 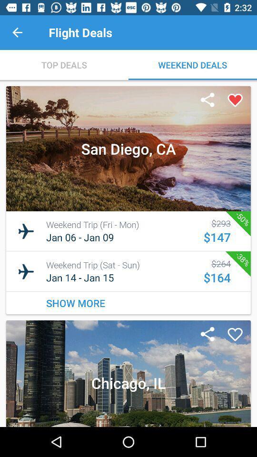 What do you see at coordinates (128, 302) in the screenshot?
I see `the show more icon` at bounding box center [128, 302].